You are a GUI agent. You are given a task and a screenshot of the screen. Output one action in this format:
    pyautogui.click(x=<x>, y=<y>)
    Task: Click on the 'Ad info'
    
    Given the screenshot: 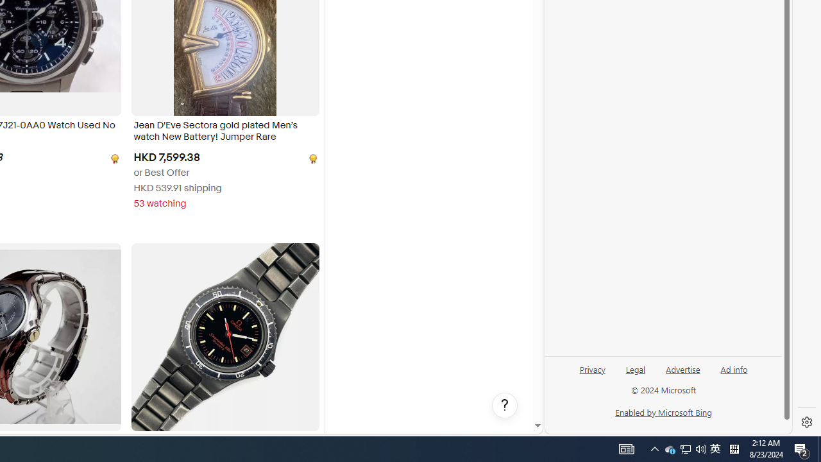 What is the action you would take?
    pyautogui.click(x=734, y=374)
    